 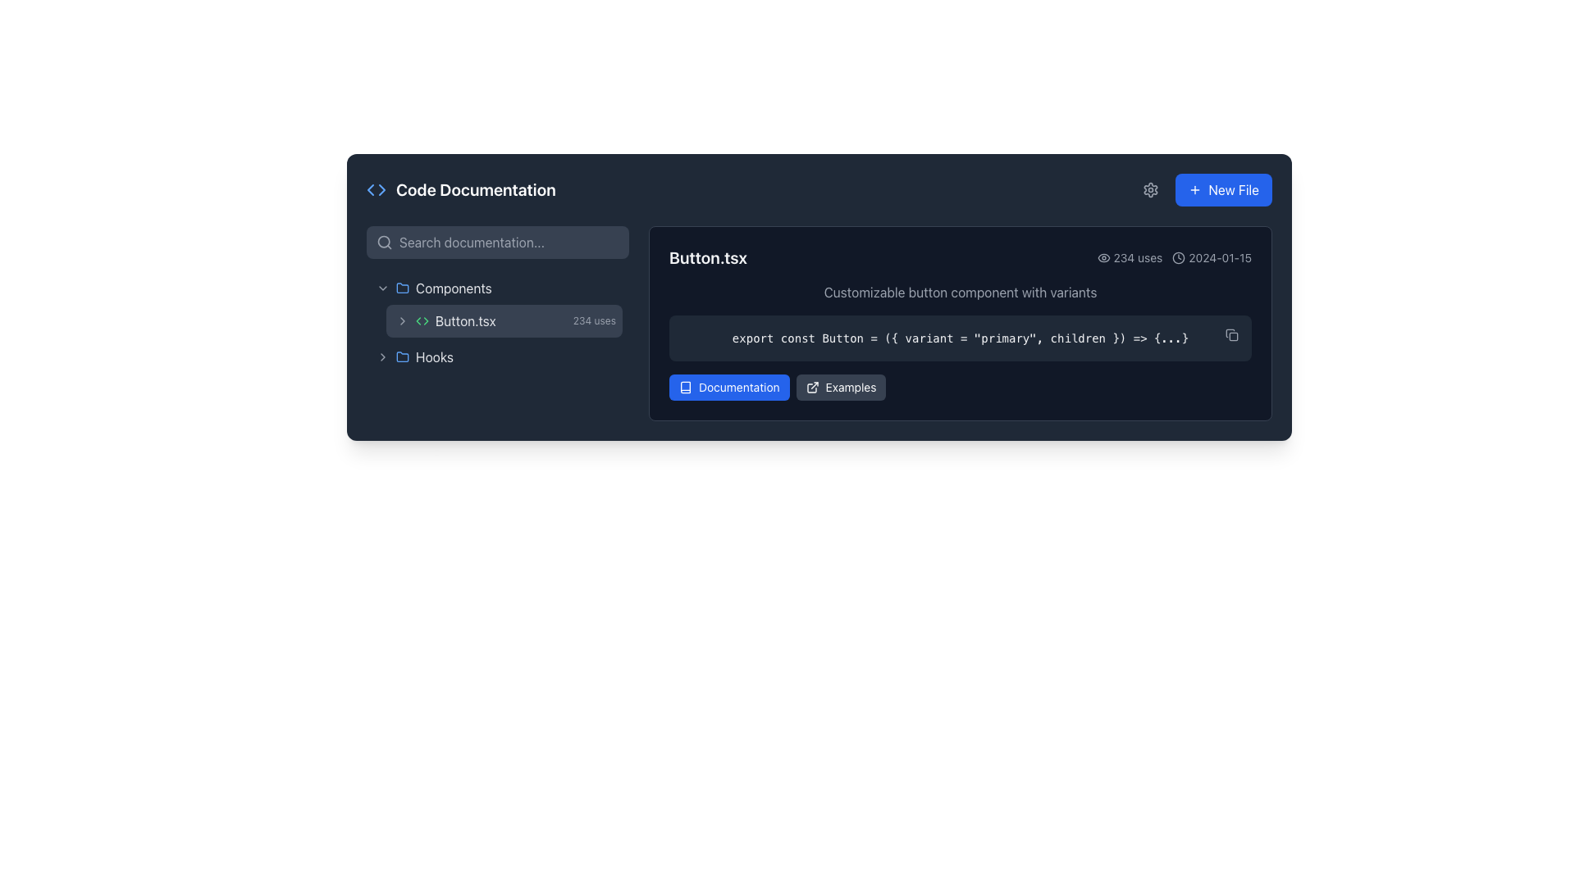 What do you see at coordinates (1230, 333) in the screenshot?
I see `the document icon element which is part of the SVG displaying a file outline with a corner fold, located next to the code snippet panel` at bounding box center [1230, 333].